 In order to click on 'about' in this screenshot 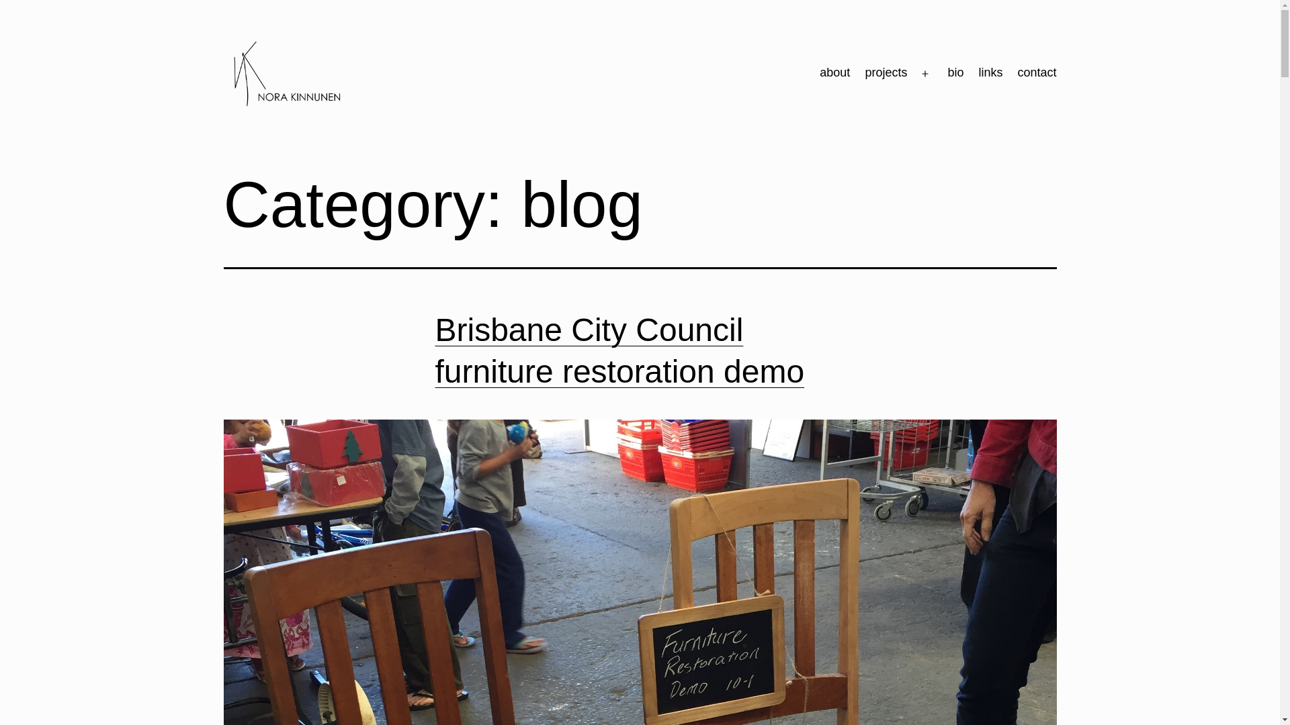, I will do `click(834, 74)`.